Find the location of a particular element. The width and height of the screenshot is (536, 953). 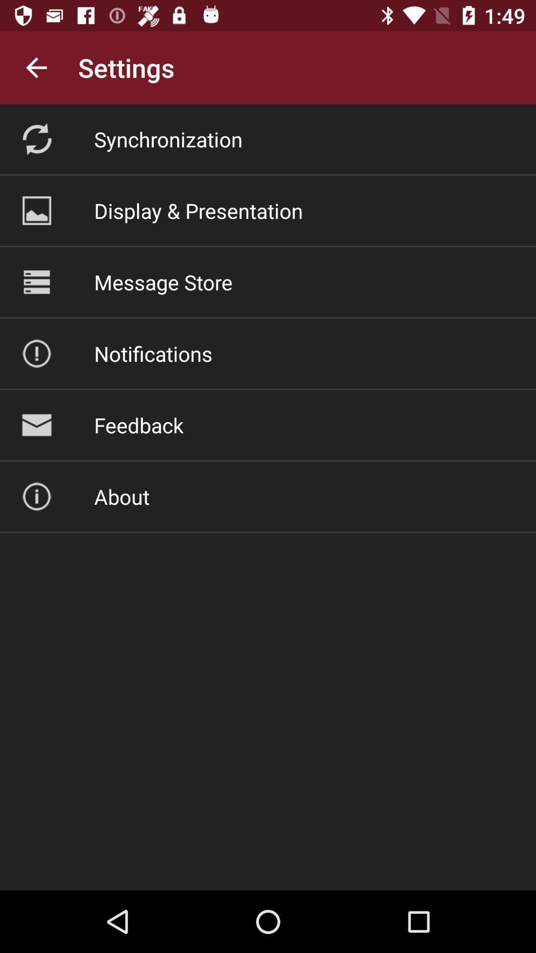

the icon below the display & presentation icon is located at coordinates (163, 281).